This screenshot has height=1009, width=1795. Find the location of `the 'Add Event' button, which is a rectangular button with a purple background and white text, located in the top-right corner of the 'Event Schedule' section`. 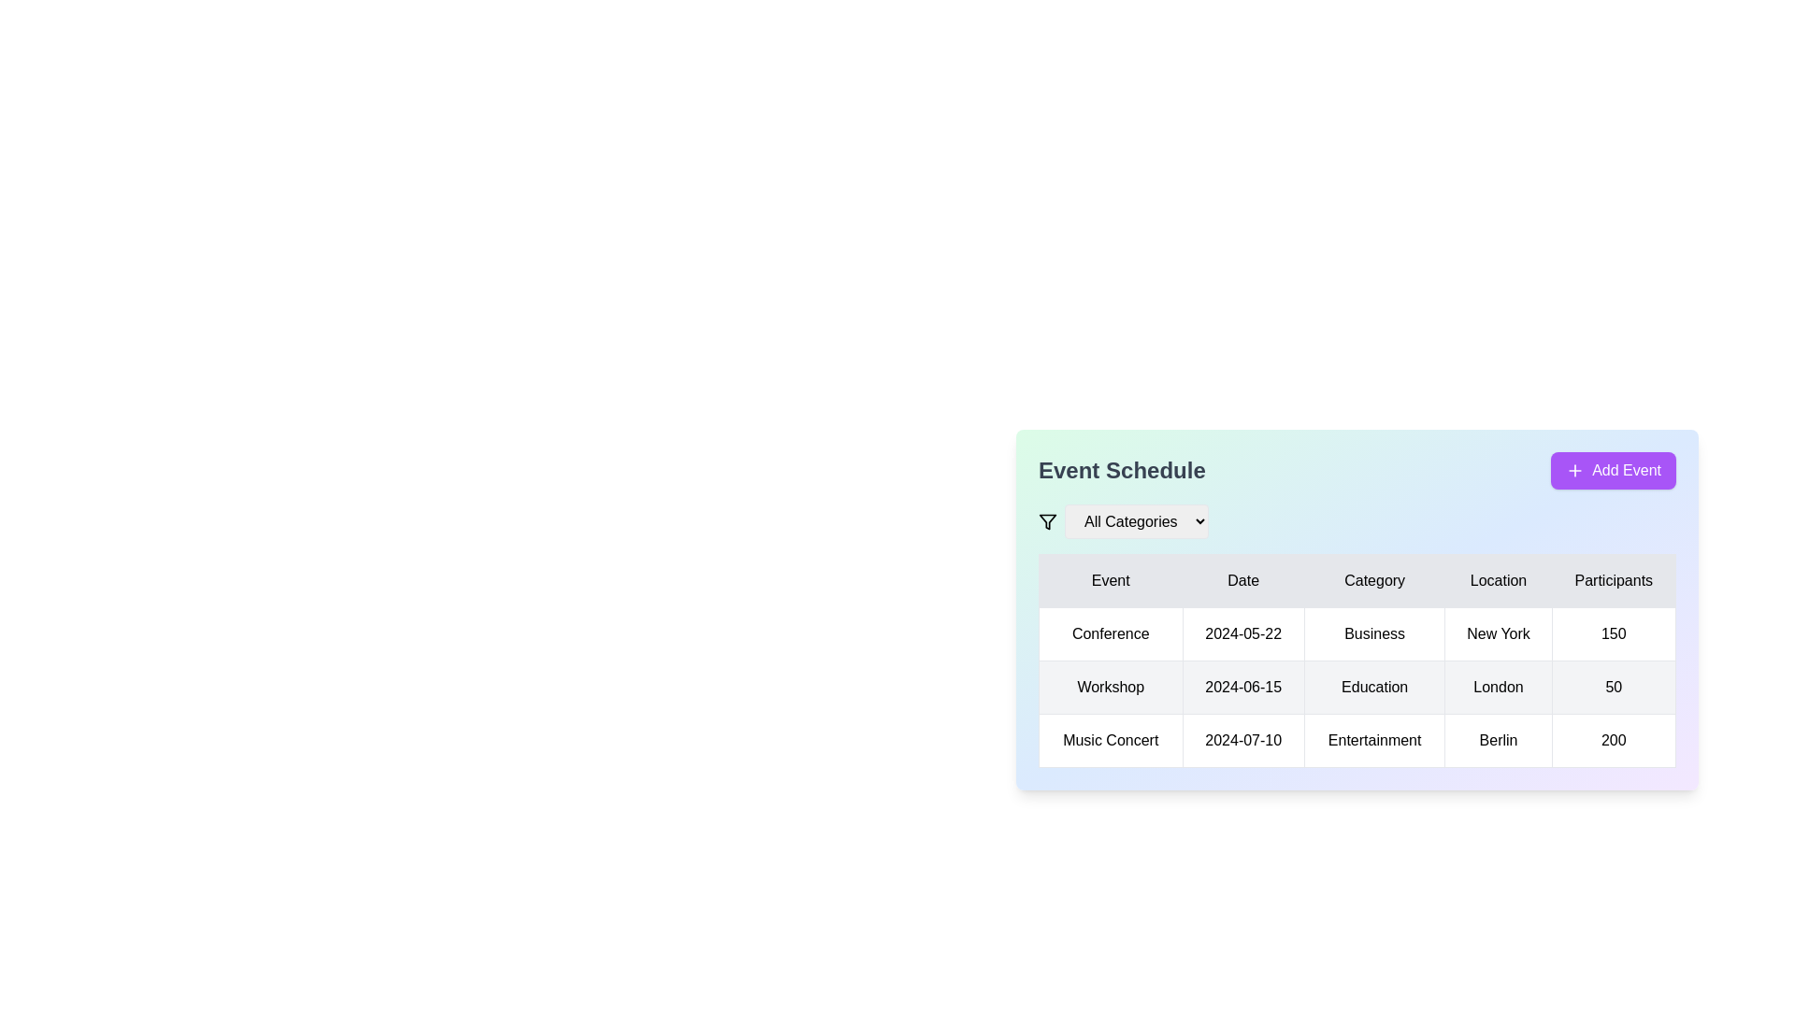

the 'Add Event' button, which is a rectangular button with a purple background and white text, located in the top-right corner of the 'Event Schedule' section is located at coordinates (1613, 470).